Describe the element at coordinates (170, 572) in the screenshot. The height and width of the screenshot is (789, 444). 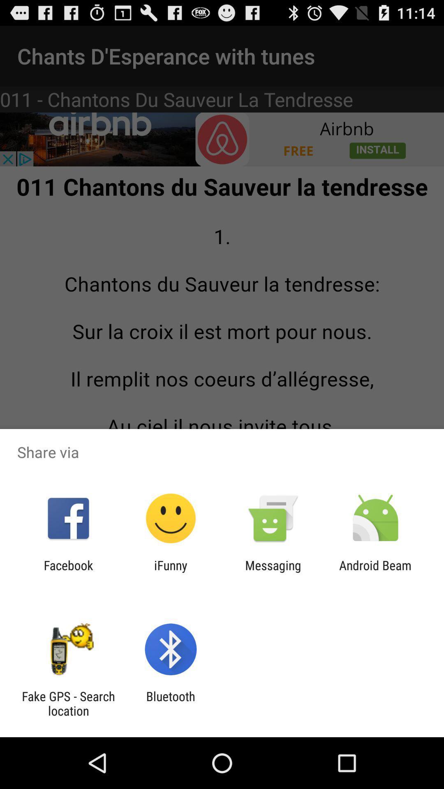
I see `the icon next to messaging app` at that location.